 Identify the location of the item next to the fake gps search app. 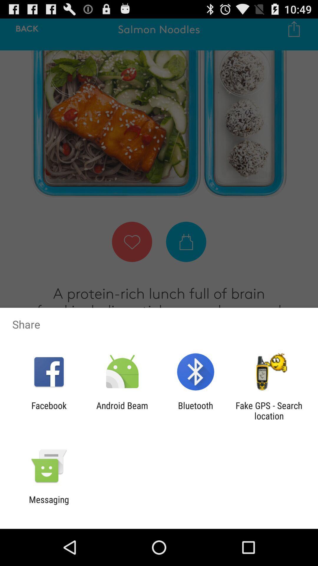
(196, 410).